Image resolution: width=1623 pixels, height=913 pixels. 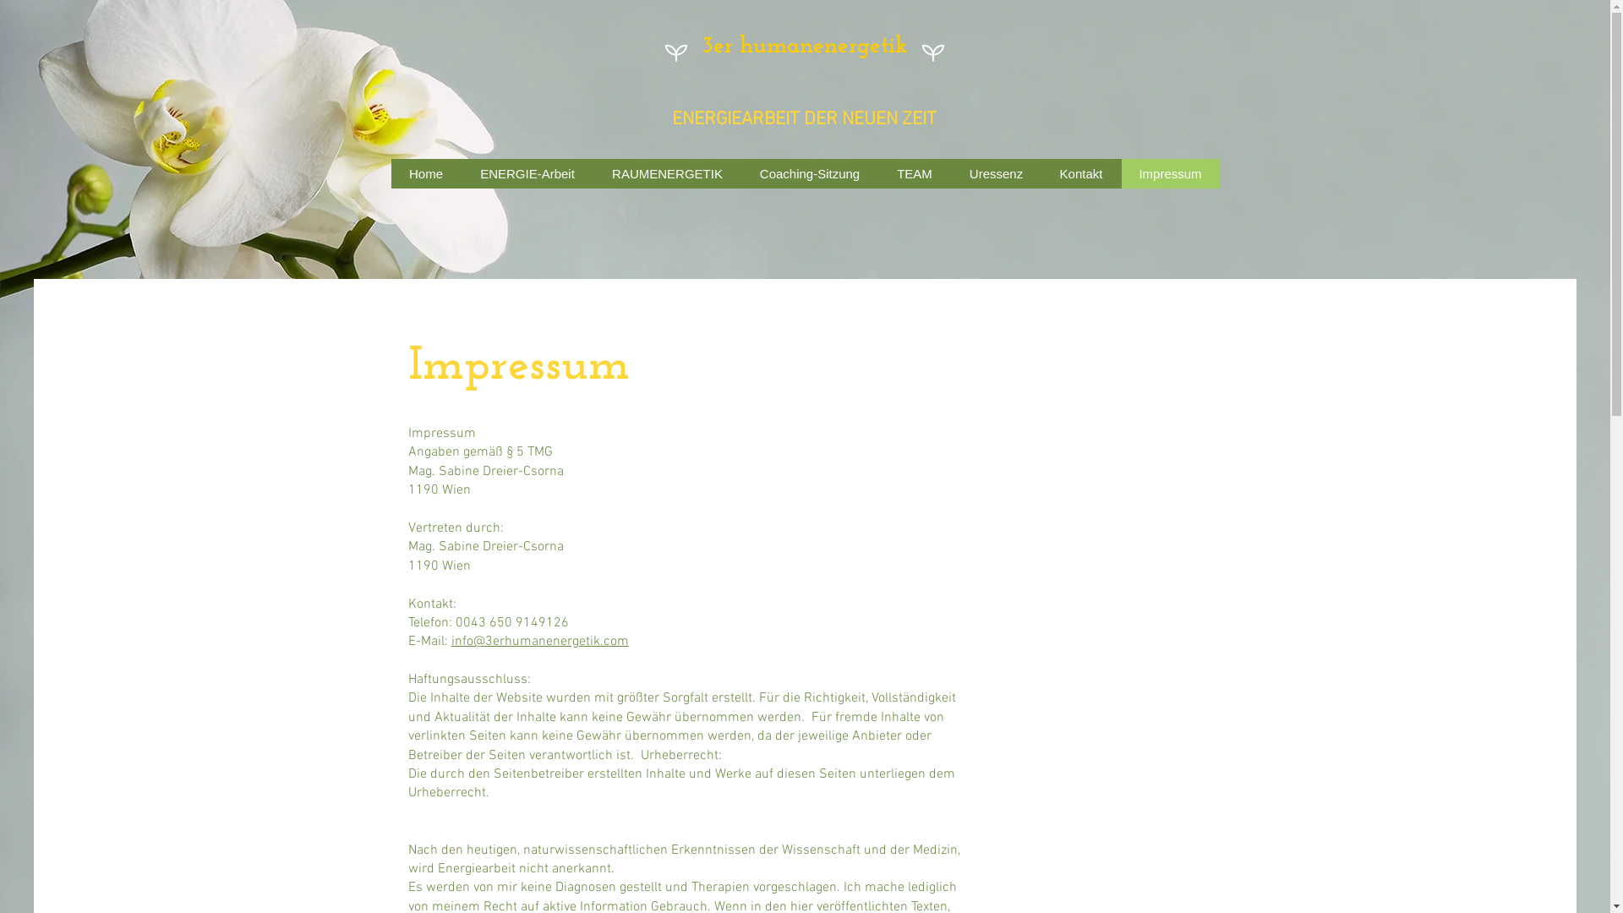 I want to click on 'ENERGIEARBEIT DER NEUEN ZEIT', so click(x=802, y=118).